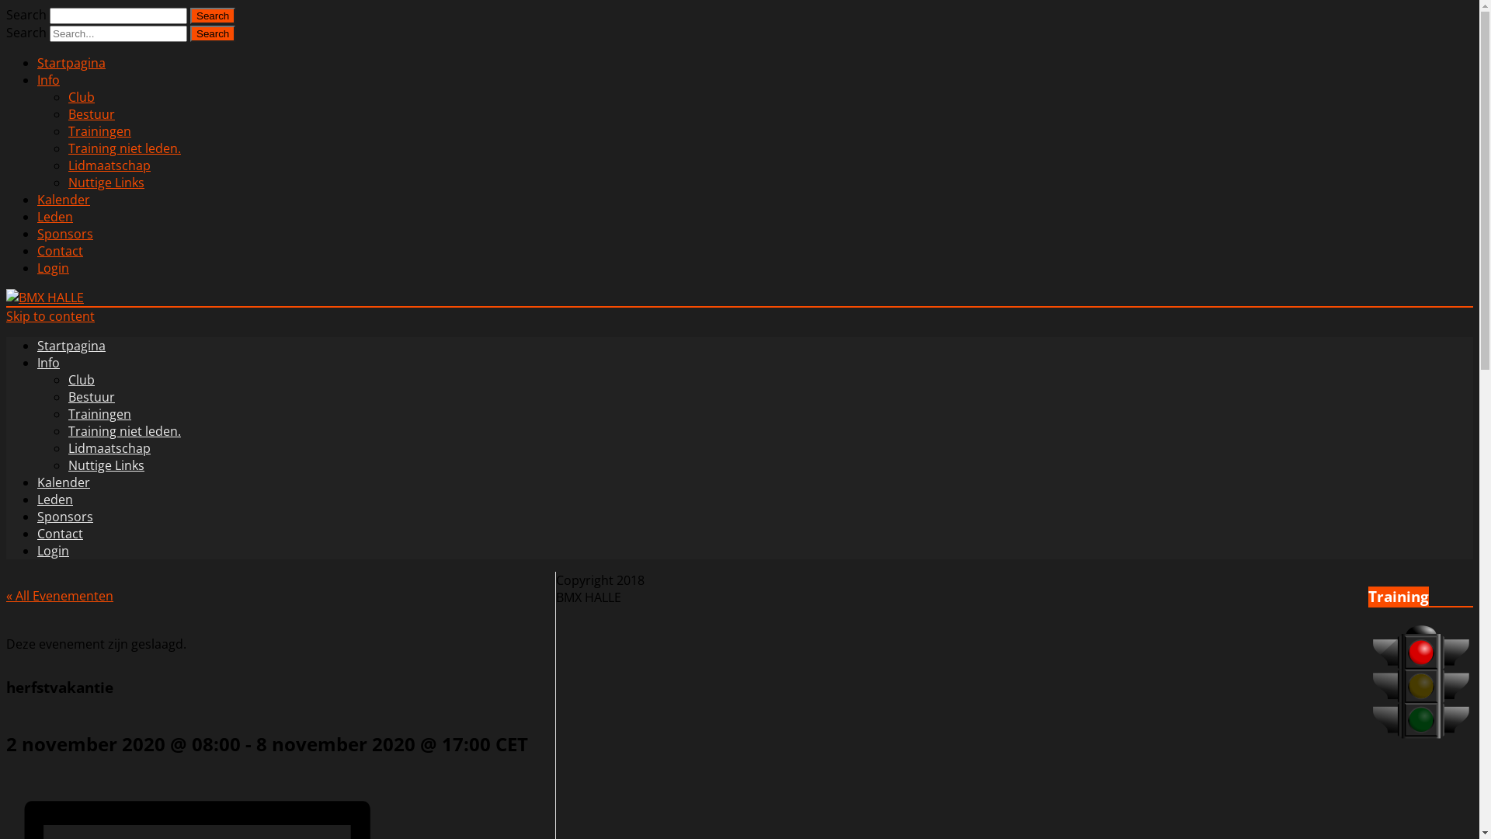 This screenshot has width=1491, height=839. What do you see at coordinates (108, 165) in the screenshot?
I see `'Lidmaatschap'` at bounding box center [108, 165].